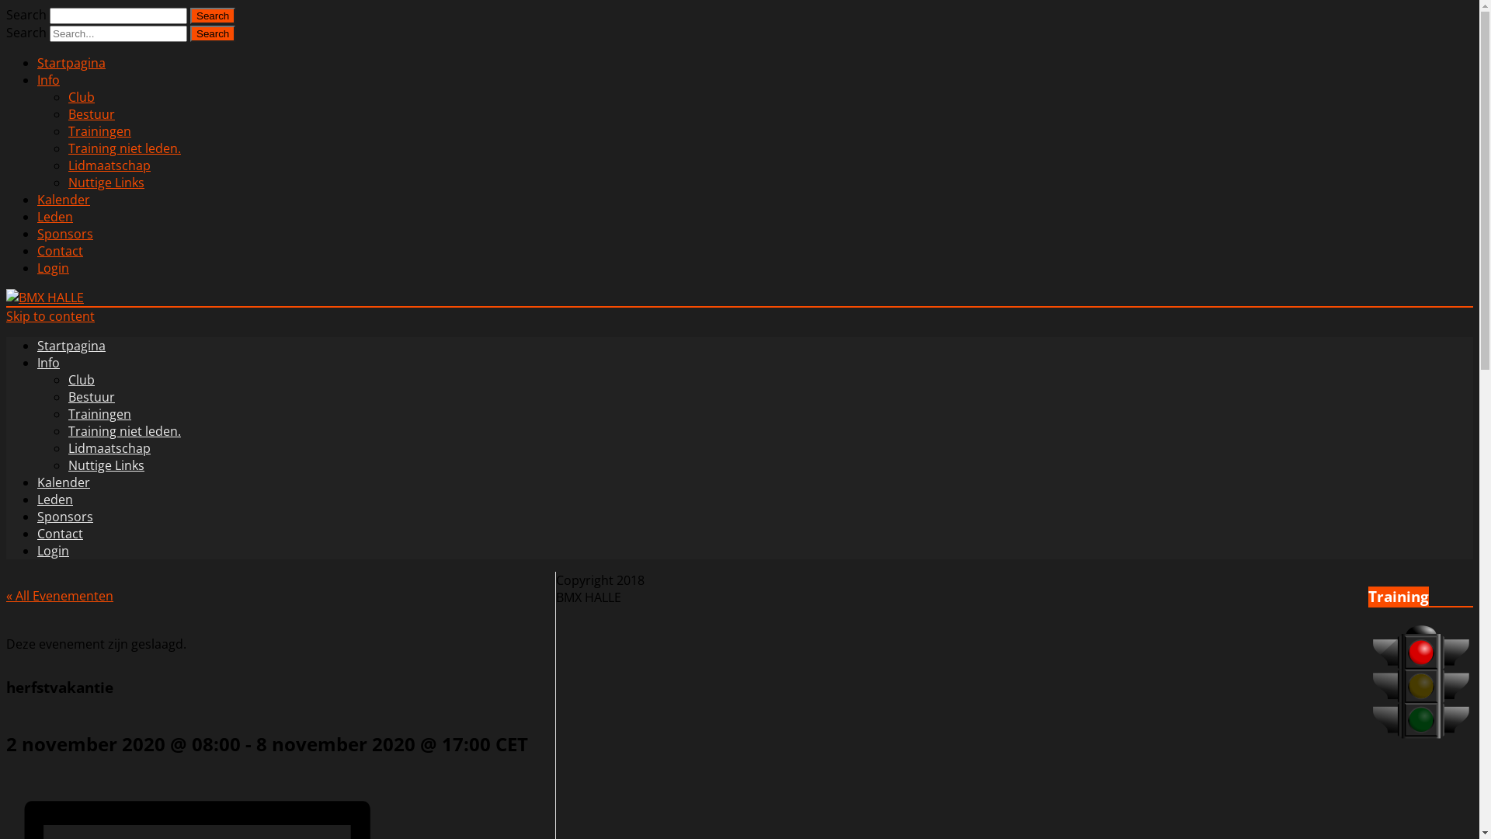 This screenshot has width=1491, height=839. What do you see at coordinates (108, 165) in the screenshot?
I see `'Lidmaatschap'` at bounding box center [108, 165].